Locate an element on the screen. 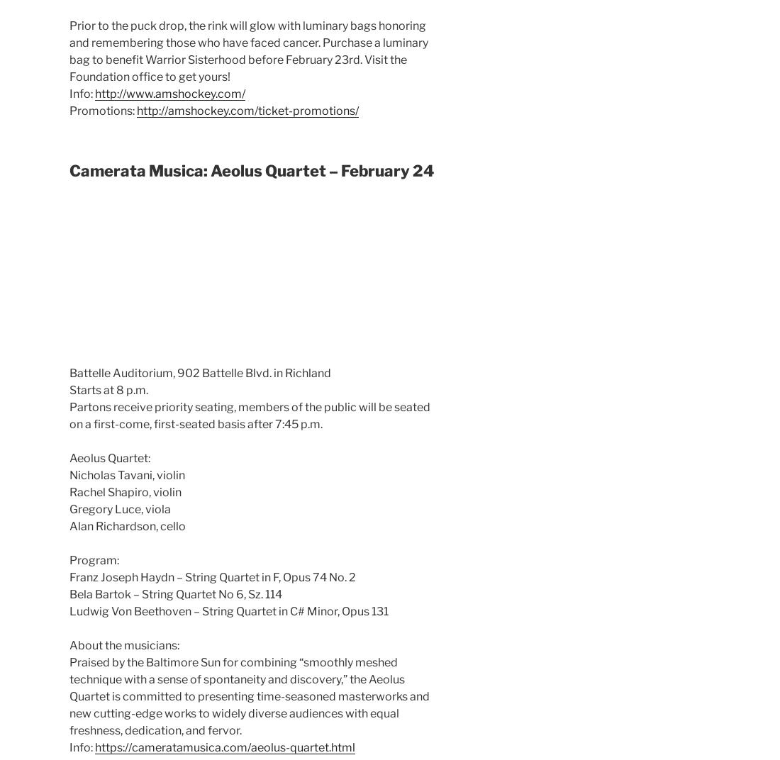  'http://amshockey.com/ticket-promotions/' is located at coordinates (247, 109).